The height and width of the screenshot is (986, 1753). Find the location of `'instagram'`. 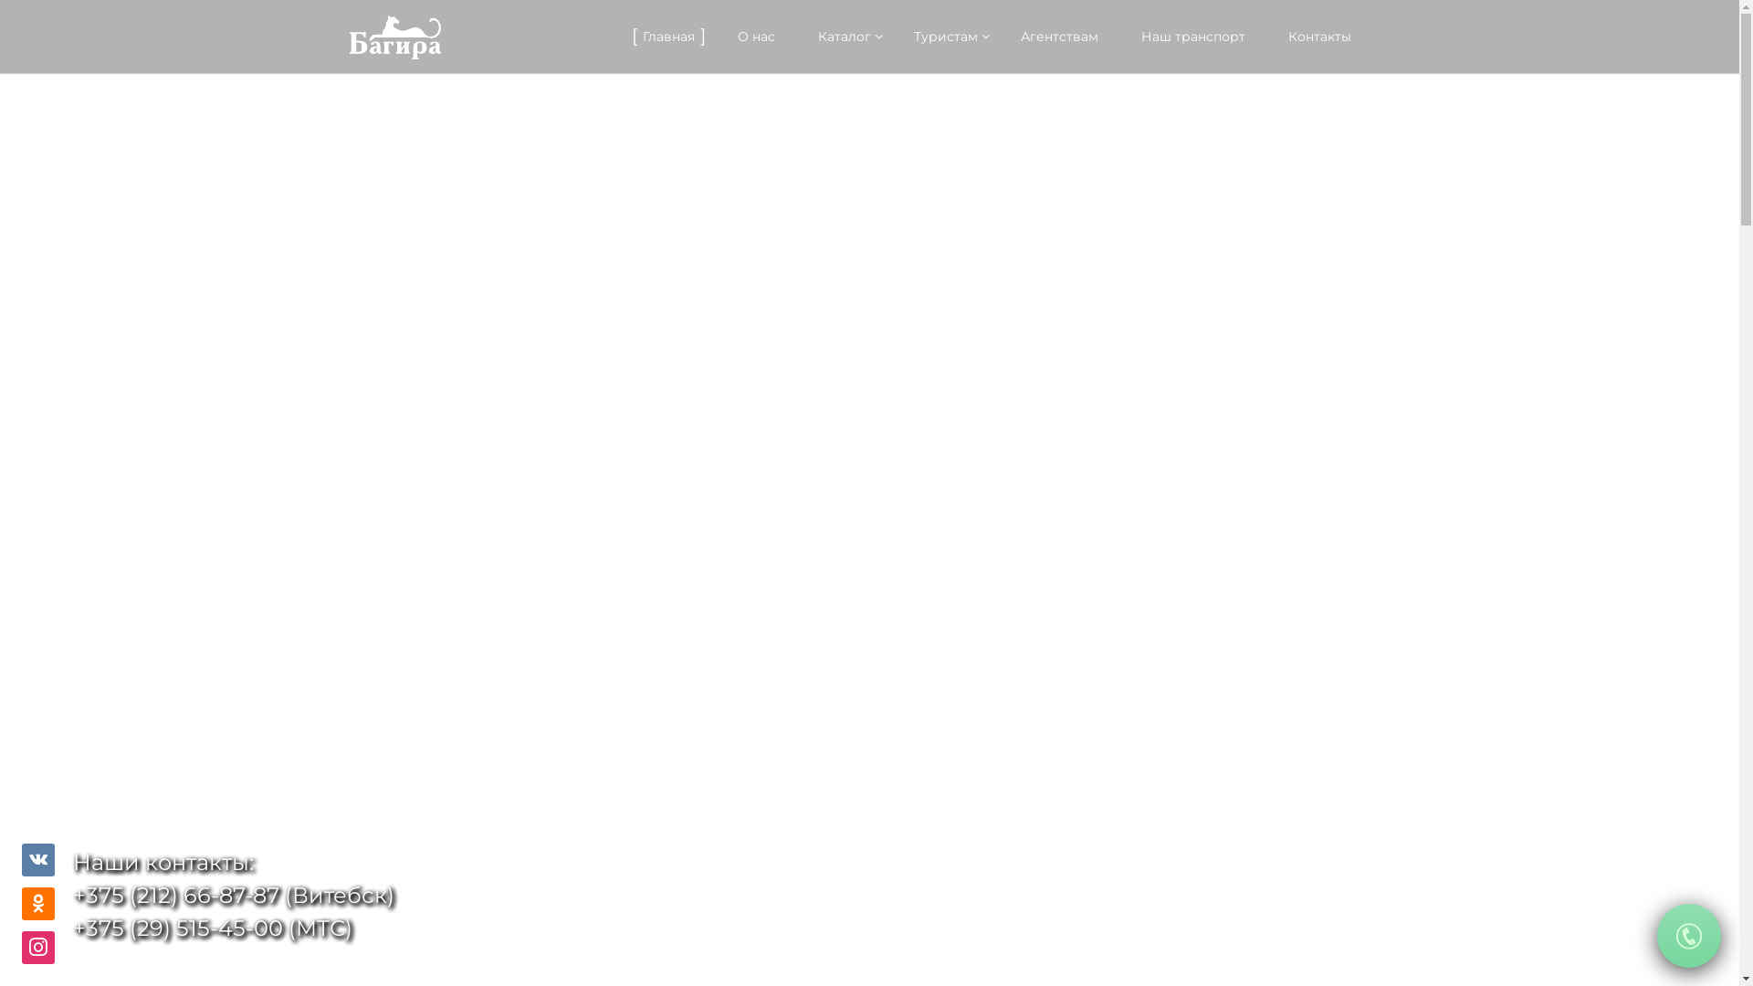

'instagram' is located at coordinates (38, 946).